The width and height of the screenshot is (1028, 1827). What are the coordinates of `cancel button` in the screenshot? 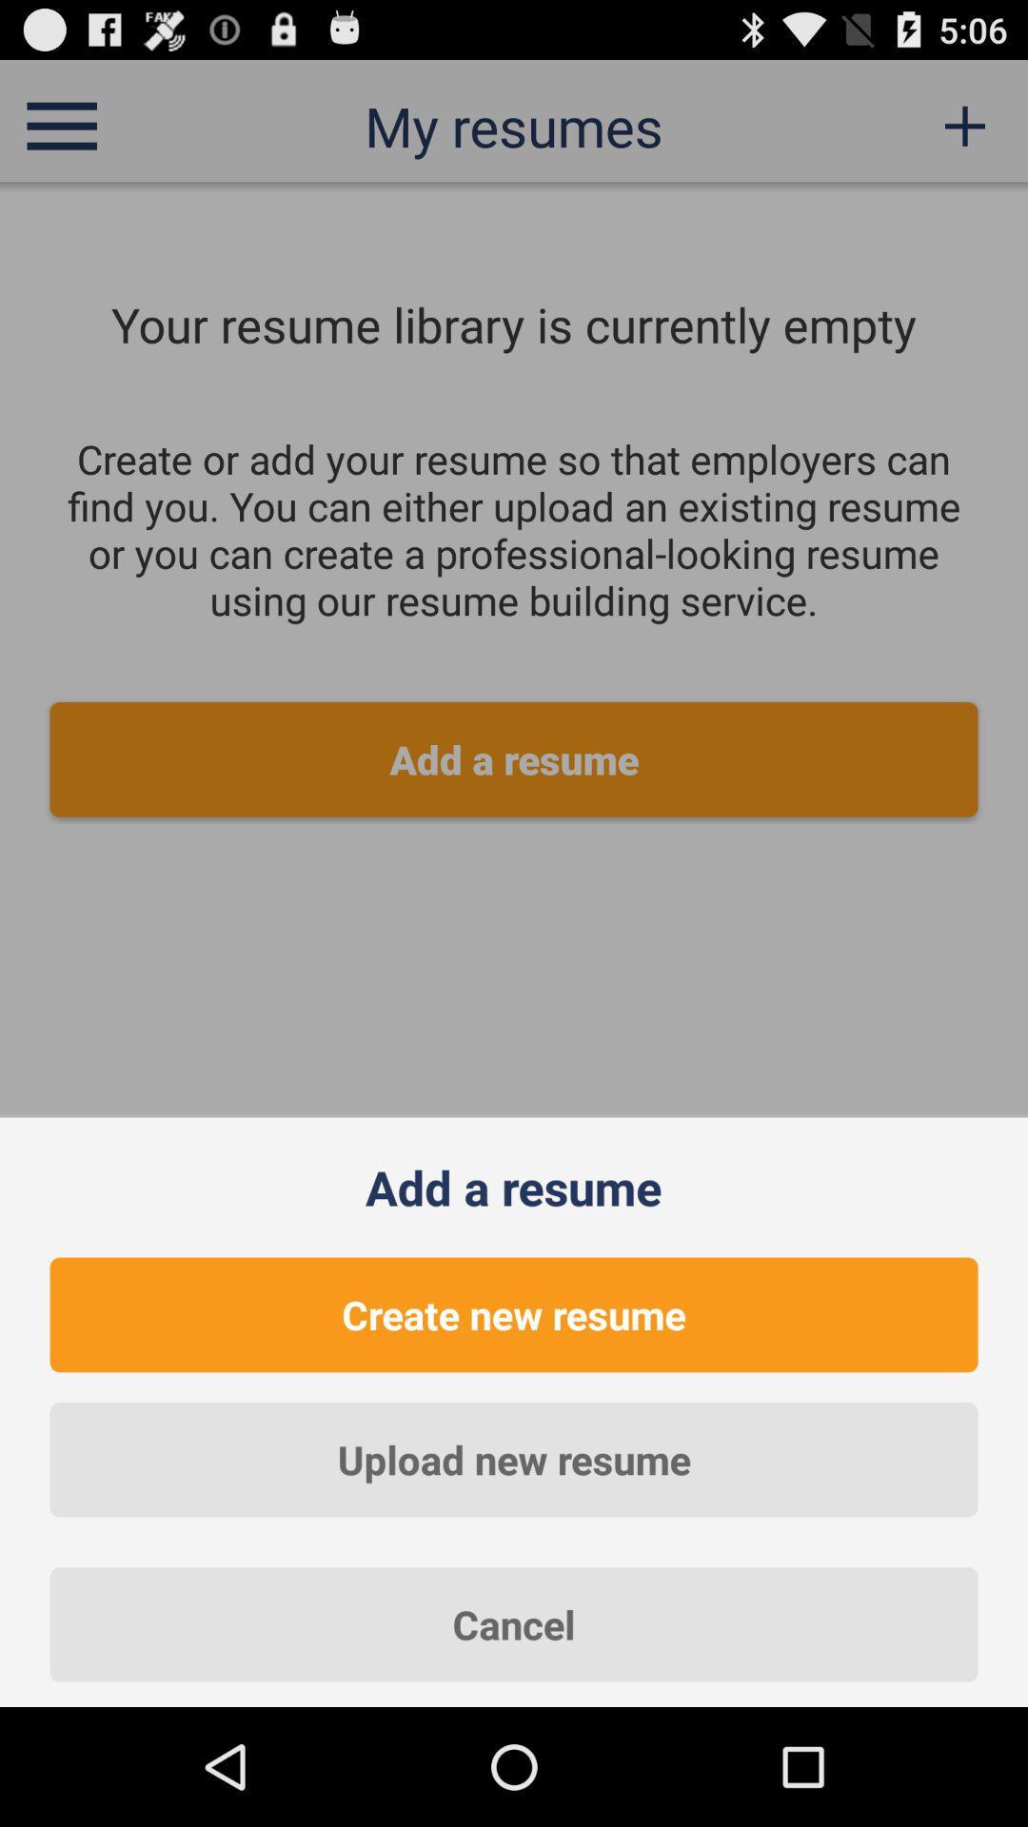 It's located at (514, 1623).